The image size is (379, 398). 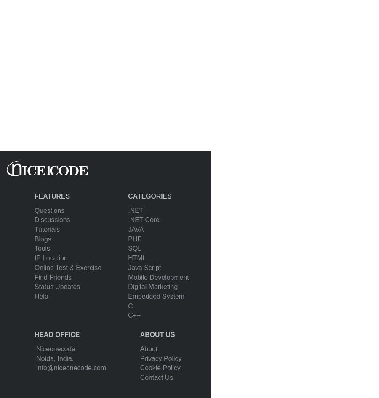 I want to click on '.NET', so click(x=135, y=210).